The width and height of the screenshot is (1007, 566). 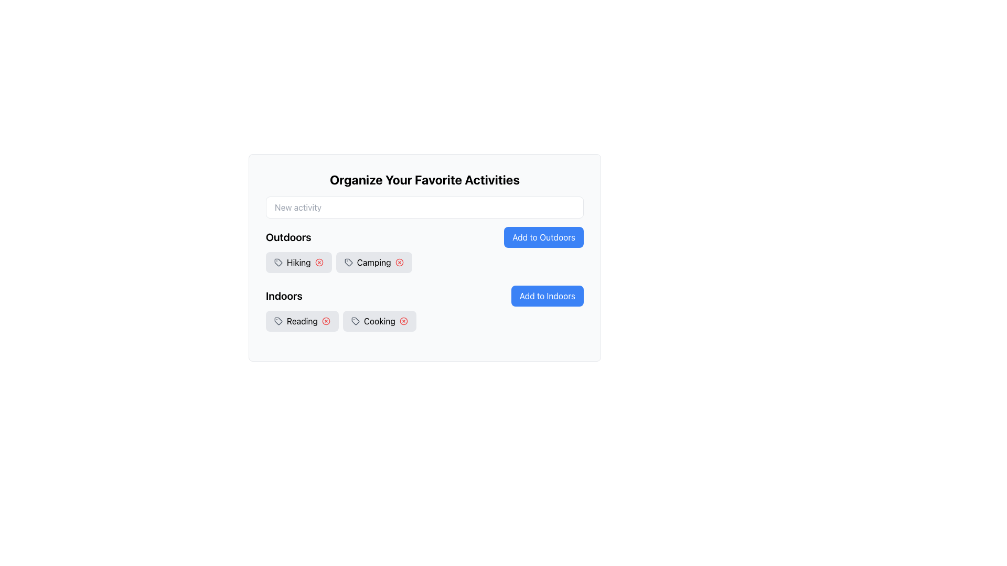 I want to click on the 'Hiking' tag in the 'Outdoors' category, so click(x=298, y=262).